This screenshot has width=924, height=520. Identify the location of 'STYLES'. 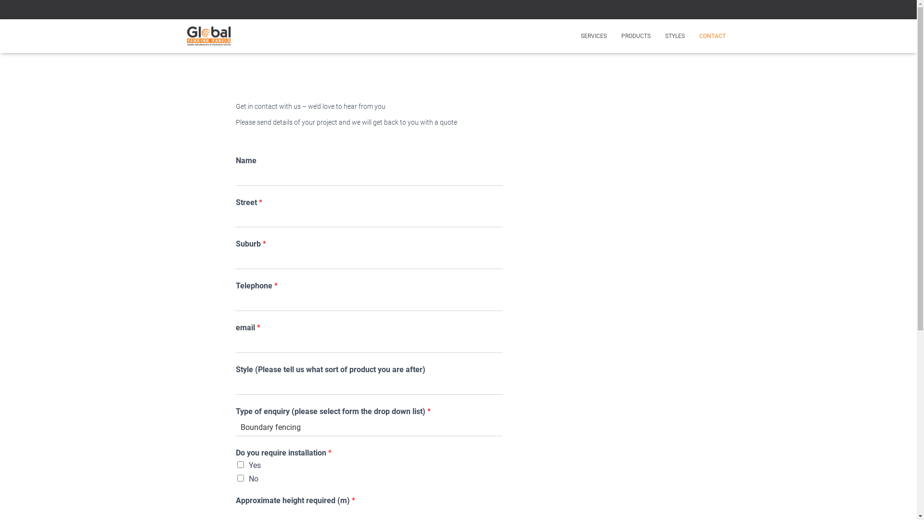
(674, 35).